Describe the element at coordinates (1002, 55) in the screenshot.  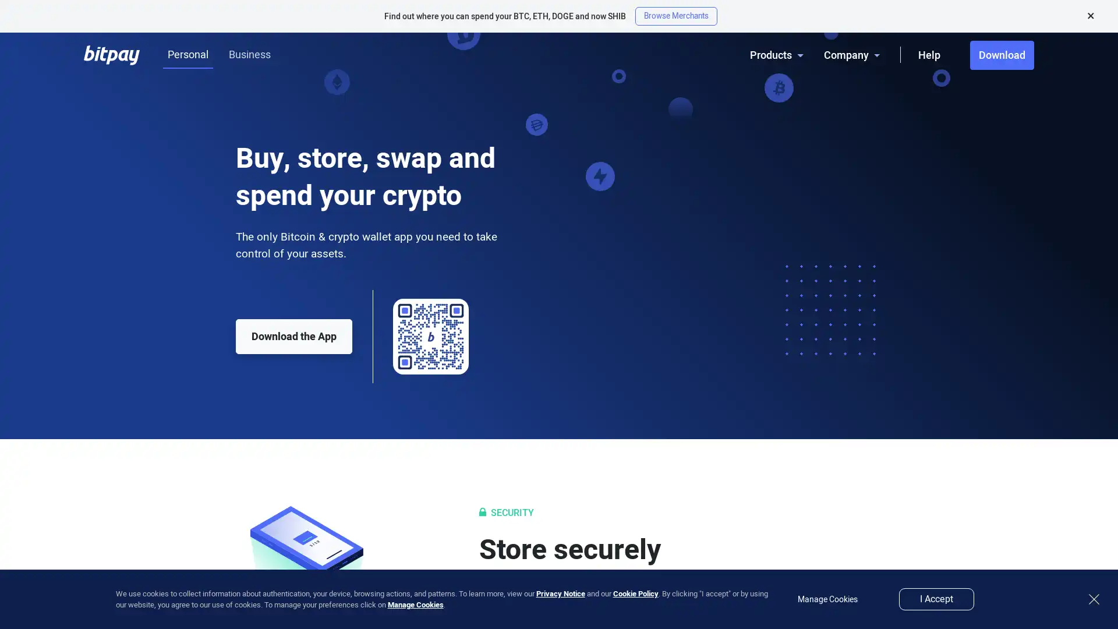
I see `Download` at that location.